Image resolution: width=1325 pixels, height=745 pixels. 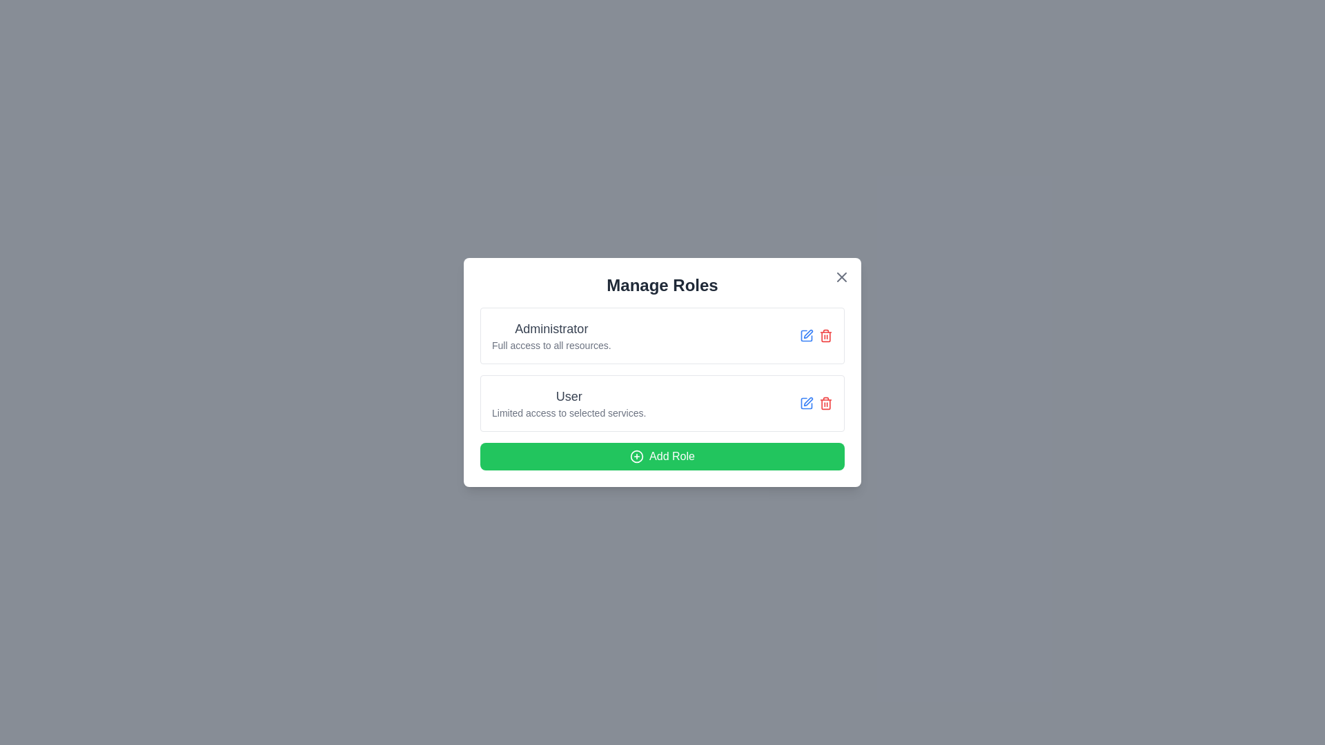 What do you see at coordinates (808, 401) in the screenshot?
I see `the pen-like icon located to the left of the trash bin icon within the editing options area of the 'User' entry to initiate an edit action` at bounding box center [808, 401].